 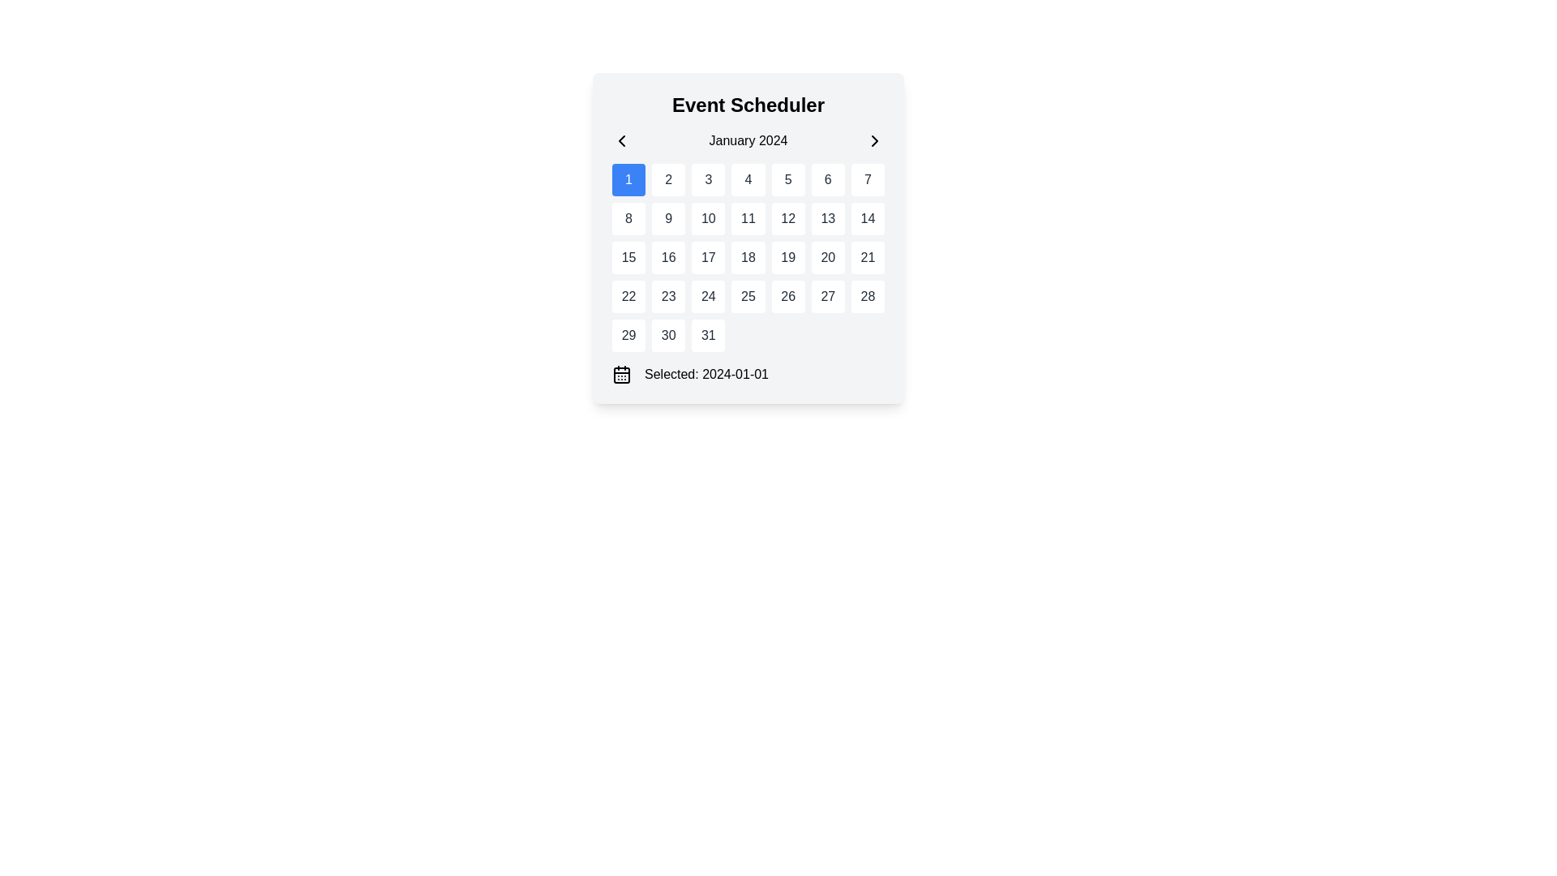 I want to click on the calendar date cell representing the 15th day of the month, located in the third row, first column of the calendar grid, so click(x=628, y=256).